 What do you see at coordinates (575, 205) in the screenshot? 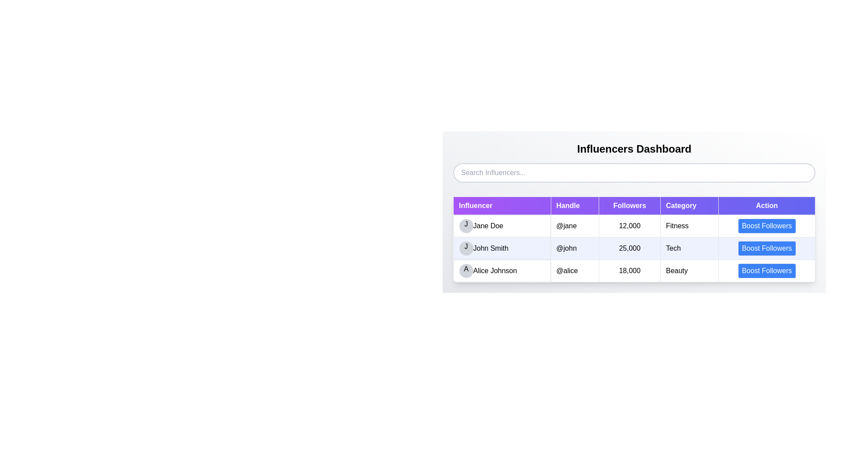
I see `the Table Header Cell labeled 'Handle', which is a rectangular UI section with a purple background and white bold text, positioned between the 'Influencer' and 'Followers' headers in the data table` at bounding box center [575, 205].